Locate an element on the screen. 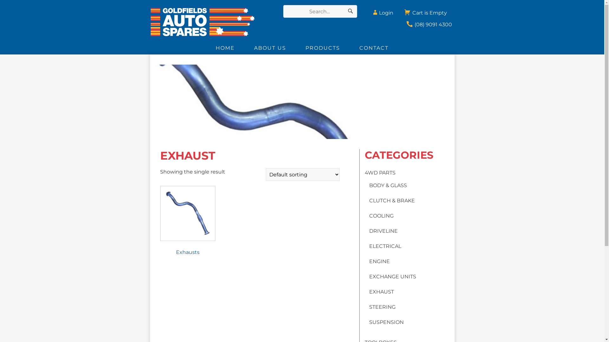 The width and height of the screenshot is (609, 342). 'CONTACT' is located at coordinates (349, 47).